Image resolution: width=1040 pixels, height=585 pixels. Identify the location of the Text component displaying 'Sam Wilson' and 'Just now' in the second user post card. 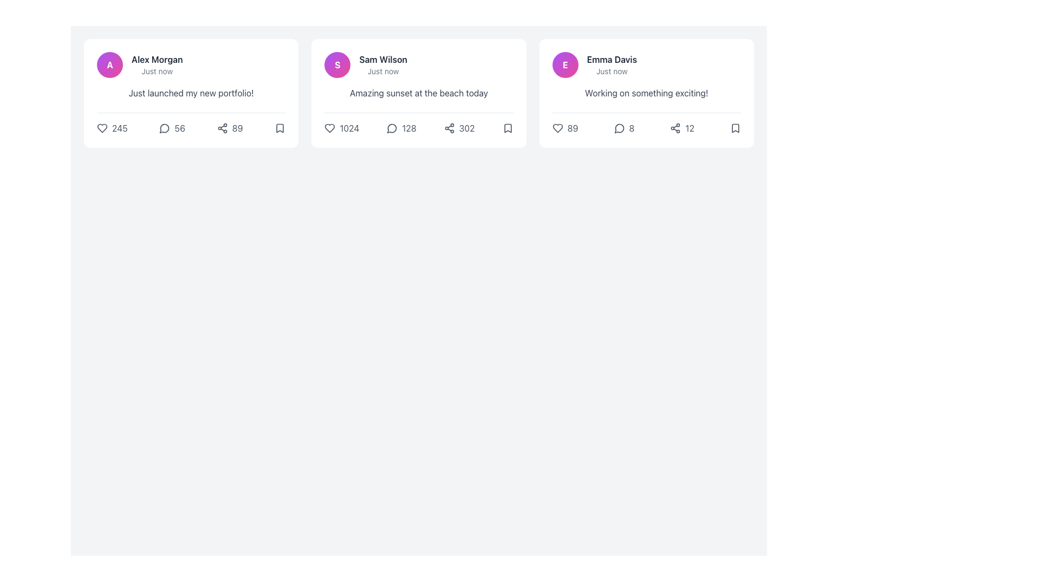
(383, 64).